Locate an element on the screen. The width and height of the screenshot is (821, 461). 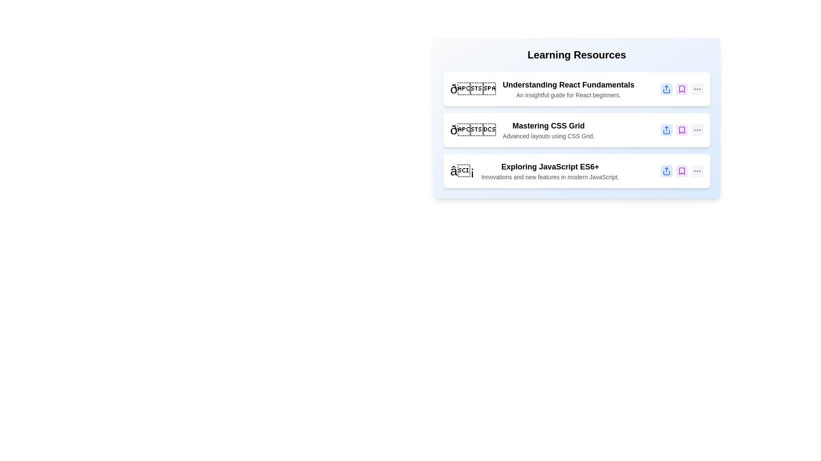
bookmark button for the item titled 'Understanding React Fundamentals' is located at coordinates (681, 89).